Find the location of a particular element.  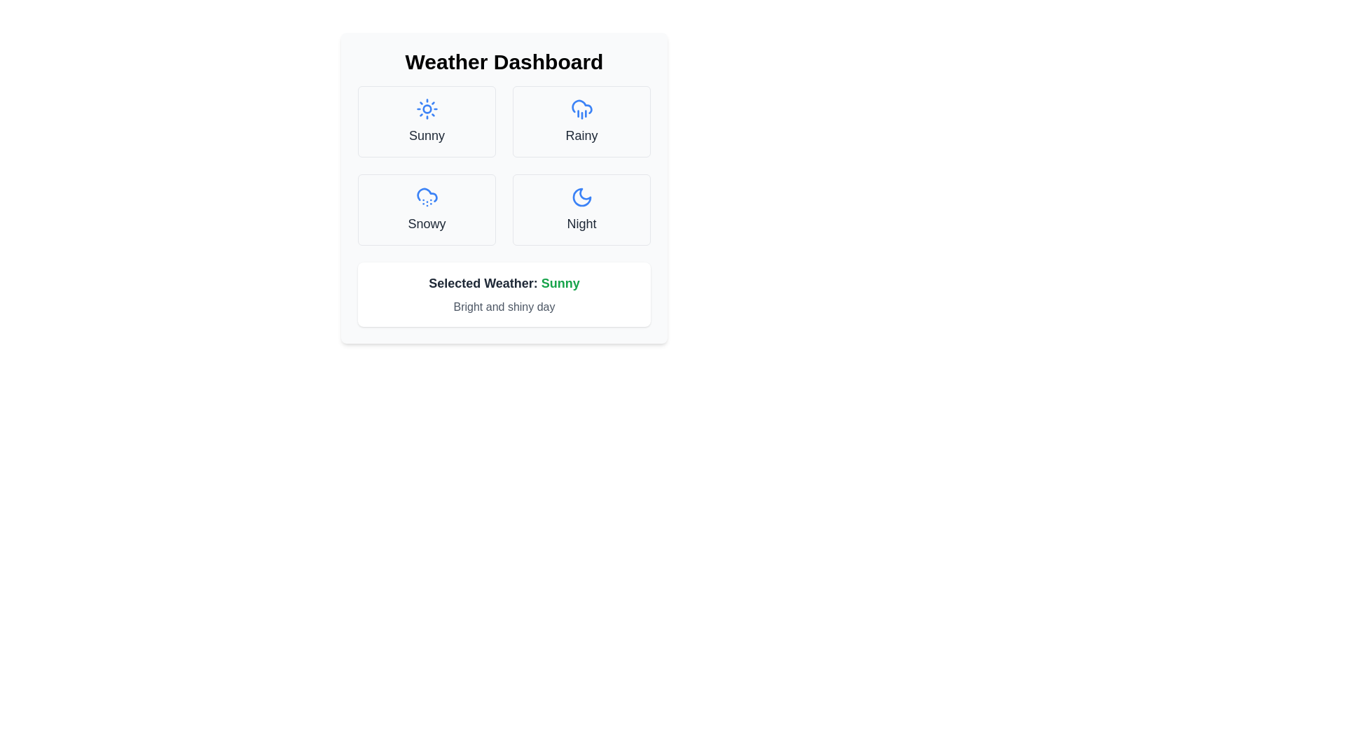

title text of the weather selection dashboard located at the top center of the panel is located at coordinates (504, 61).